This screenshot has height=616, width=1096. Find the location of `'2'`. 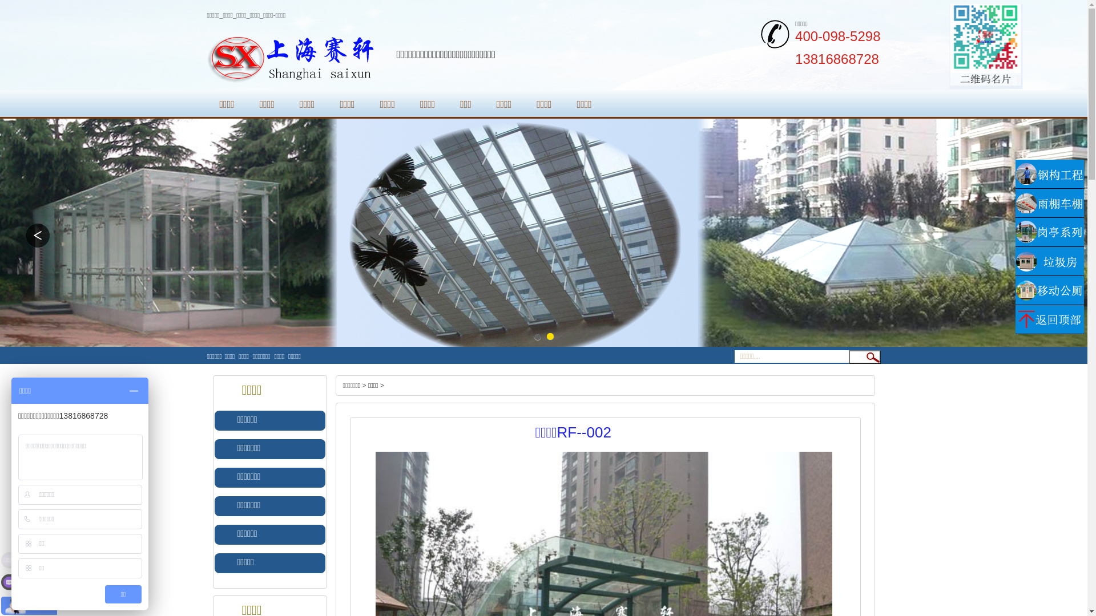

'2' is located at coordinates (550, 336).